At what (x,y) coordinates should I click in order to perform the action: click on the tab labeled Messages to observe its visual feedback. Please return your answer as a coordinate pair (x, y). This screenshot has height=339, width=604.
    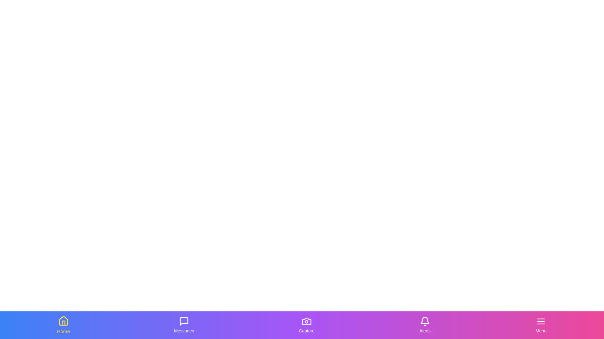
    Looking at the image, I should click on (184, 325).